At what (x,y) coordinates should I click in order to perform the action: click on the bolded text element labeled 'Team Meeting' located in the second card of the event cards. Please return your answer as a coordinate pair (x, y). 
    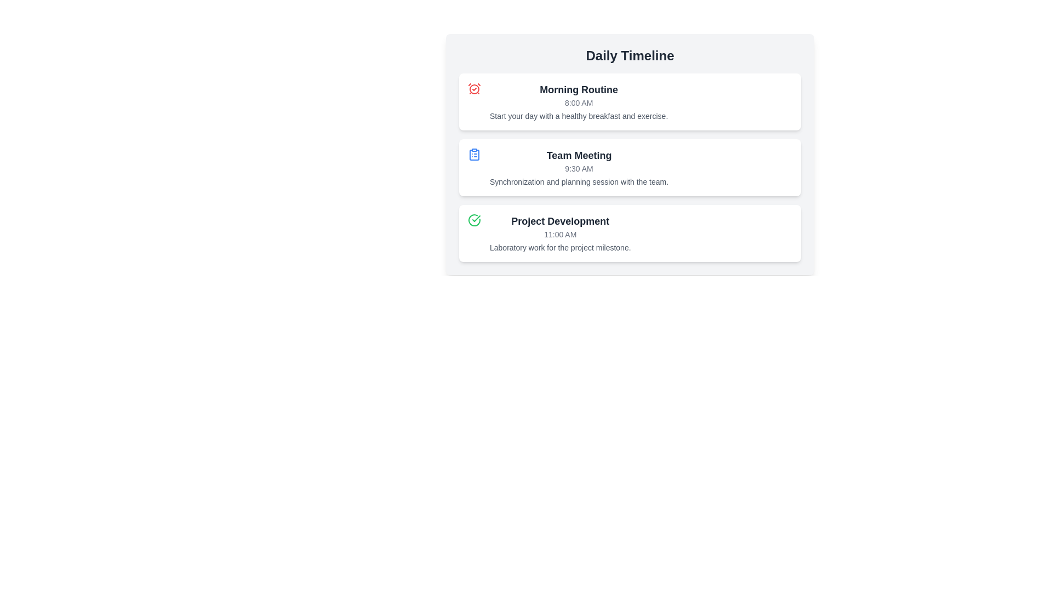
    Looking at the image, I should click on (578, 156).